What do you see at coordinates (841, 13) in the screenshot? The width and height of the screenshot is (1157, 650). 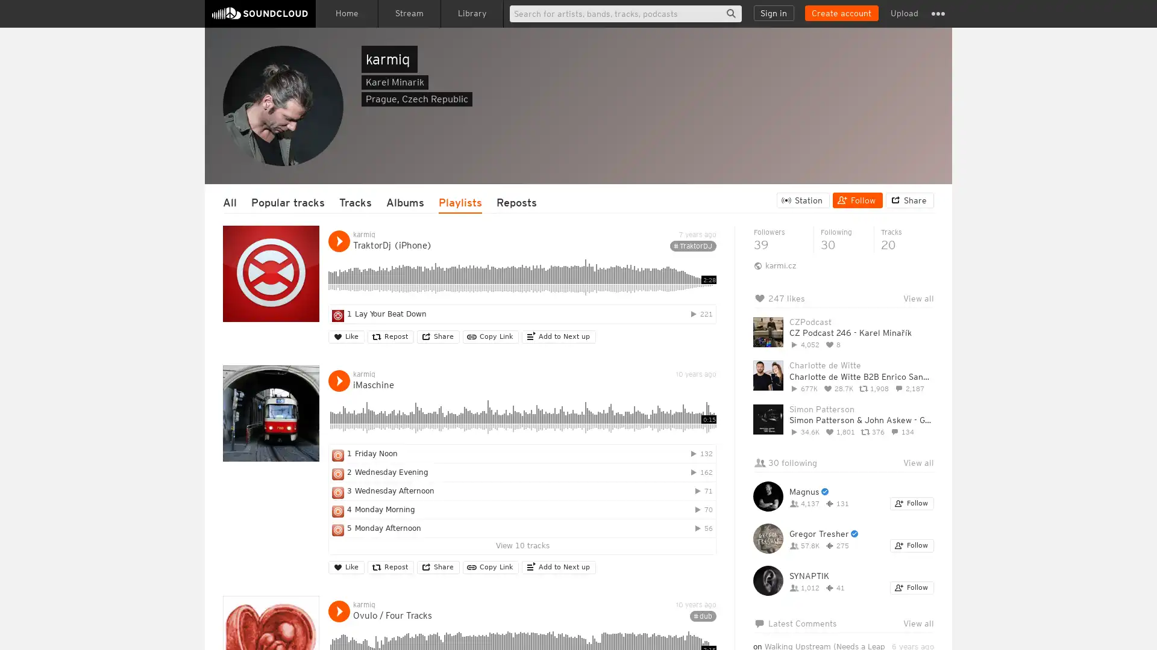 I see `Create a SoundCloud account` at bounding box center [841, 13].